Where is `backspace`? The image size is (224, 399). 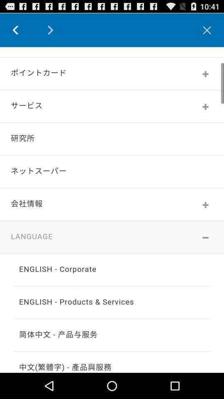
backspace is located at coordinates (22, 30).